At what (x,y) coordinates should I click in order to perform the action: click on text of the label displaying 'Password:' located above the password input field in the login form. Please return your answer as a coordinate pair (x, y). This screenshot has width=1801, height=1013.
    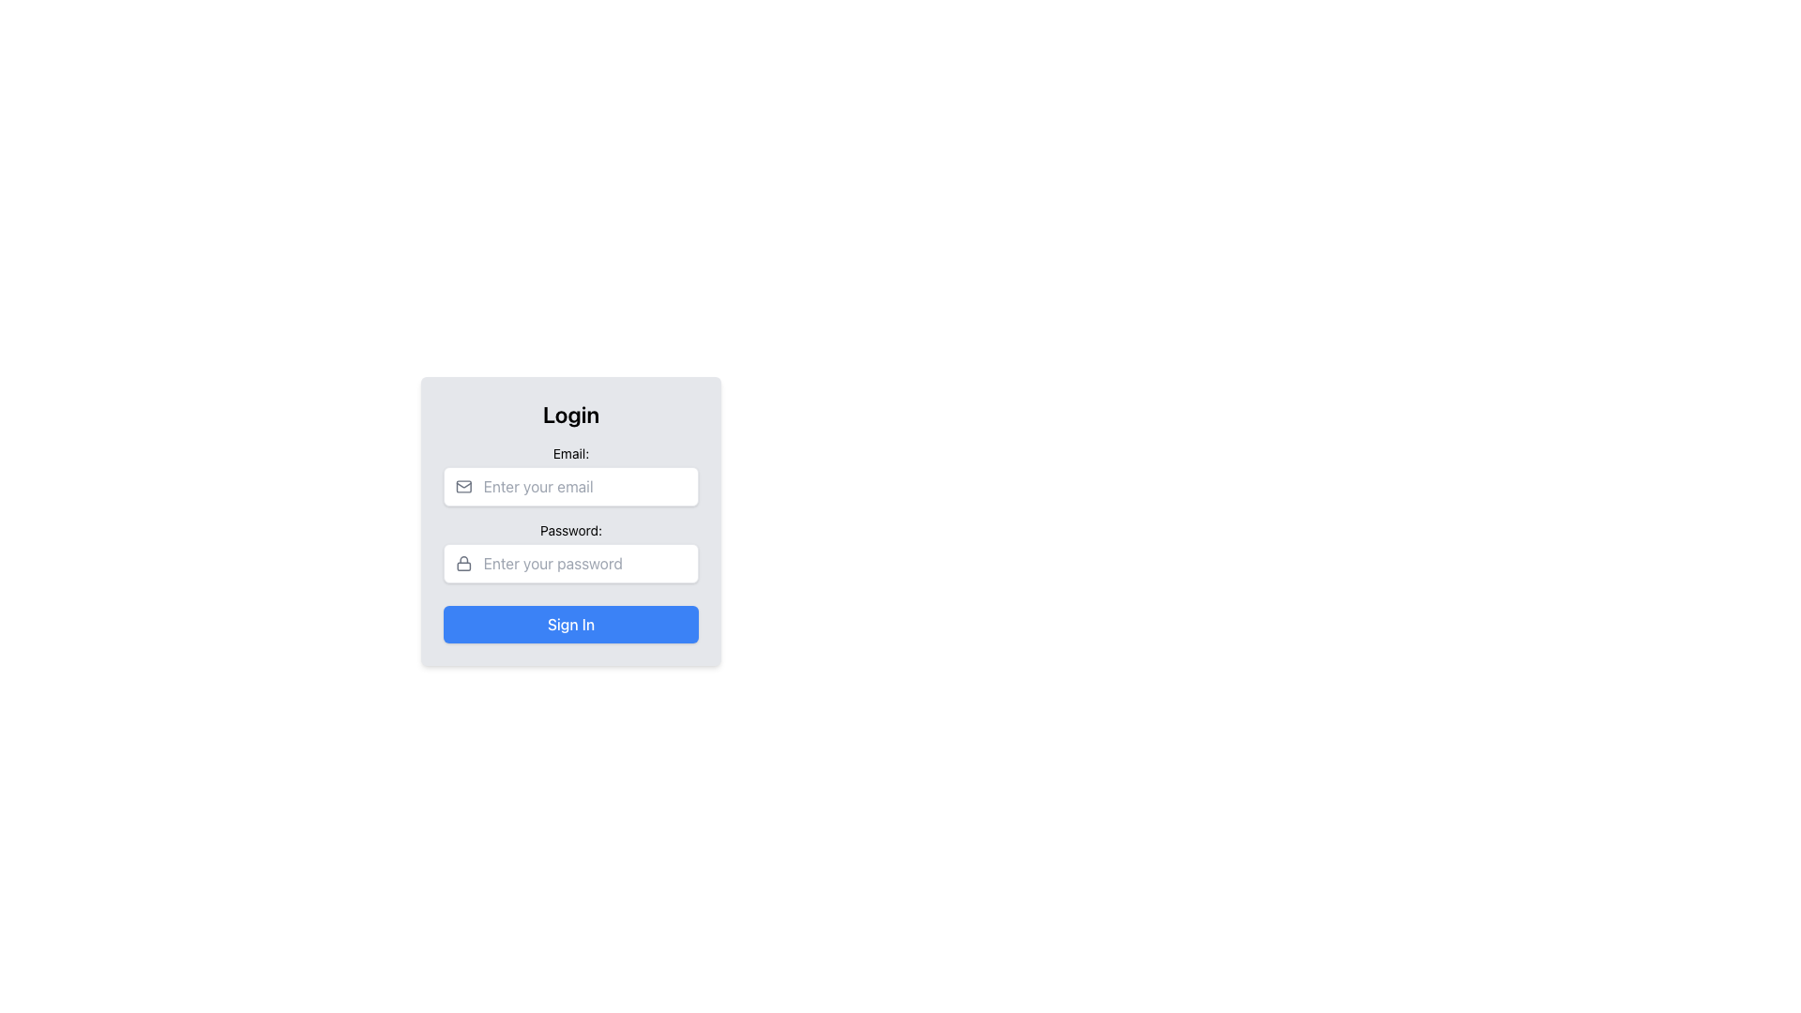
    Looking at the image, I should click on (570, 531).